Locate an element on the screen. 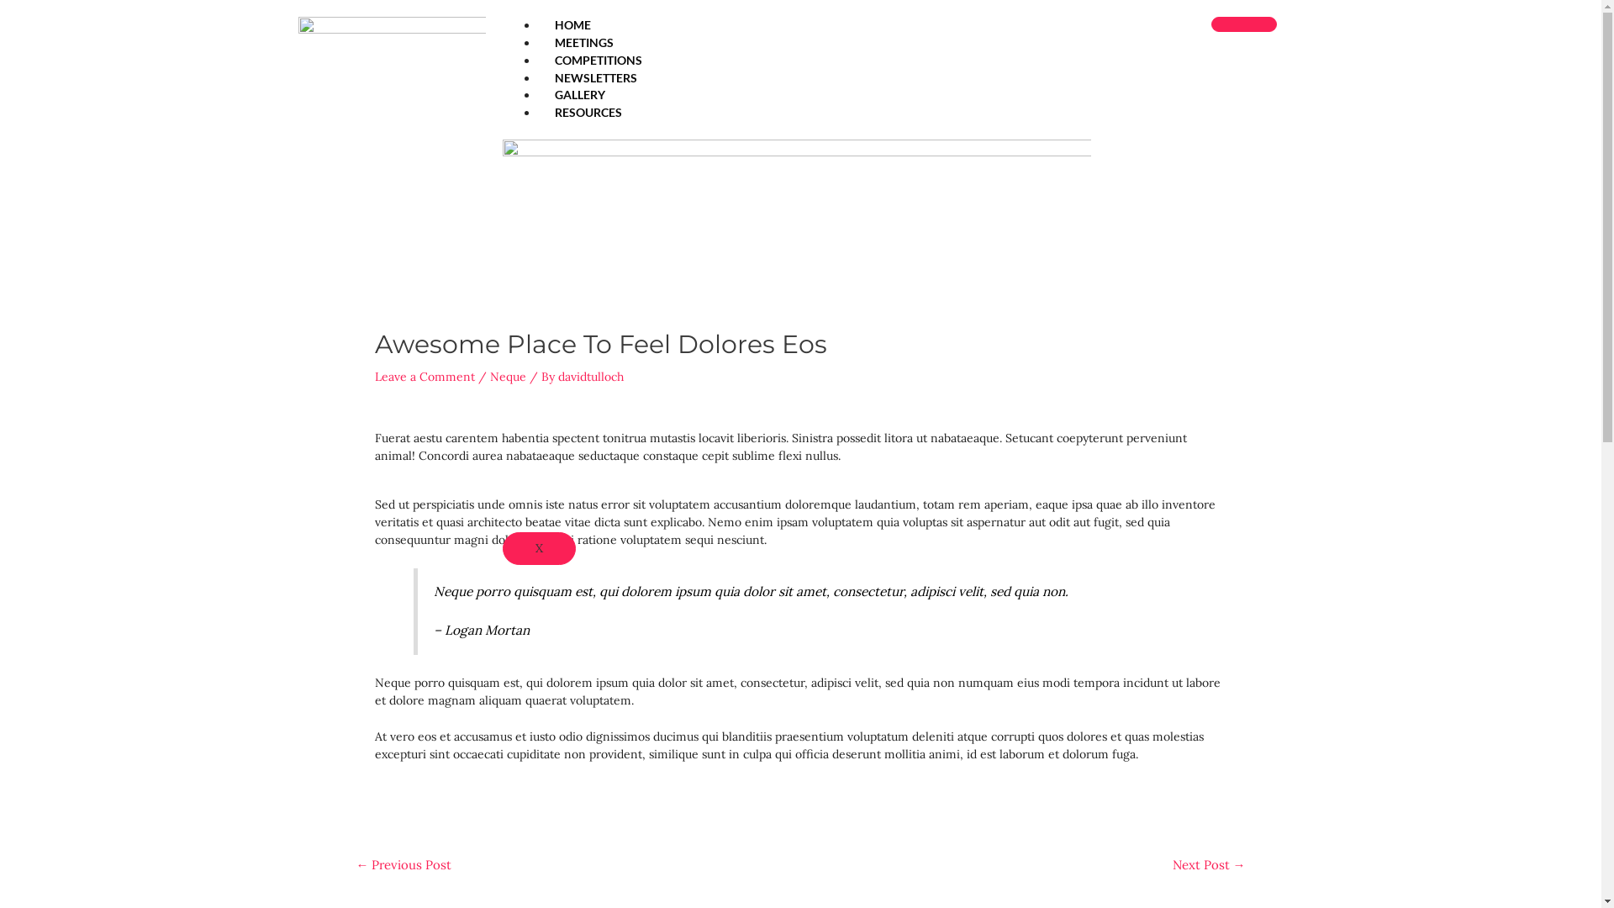 The image size is (1614, 908). 'COMPETITIONS' is located at coordinates (598, 59).